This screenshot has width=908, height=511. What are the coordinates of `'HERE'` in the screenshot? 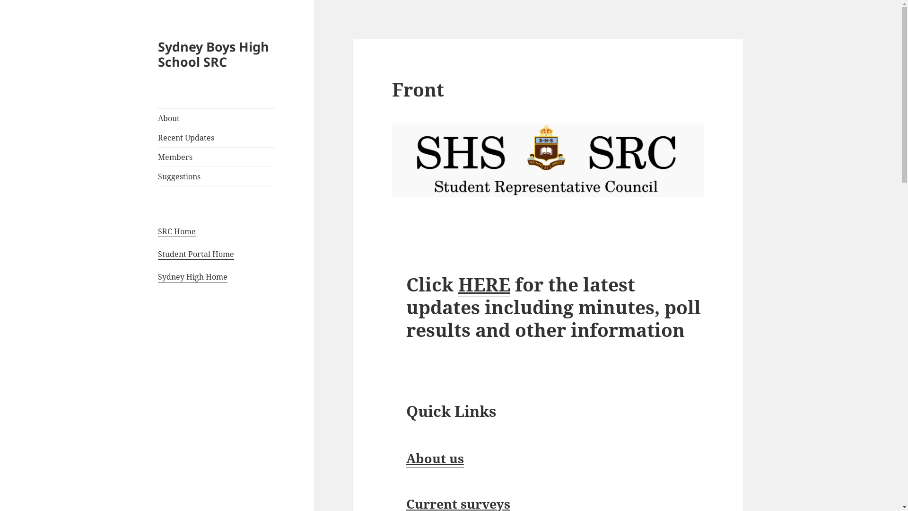 It's located at (484, 284).